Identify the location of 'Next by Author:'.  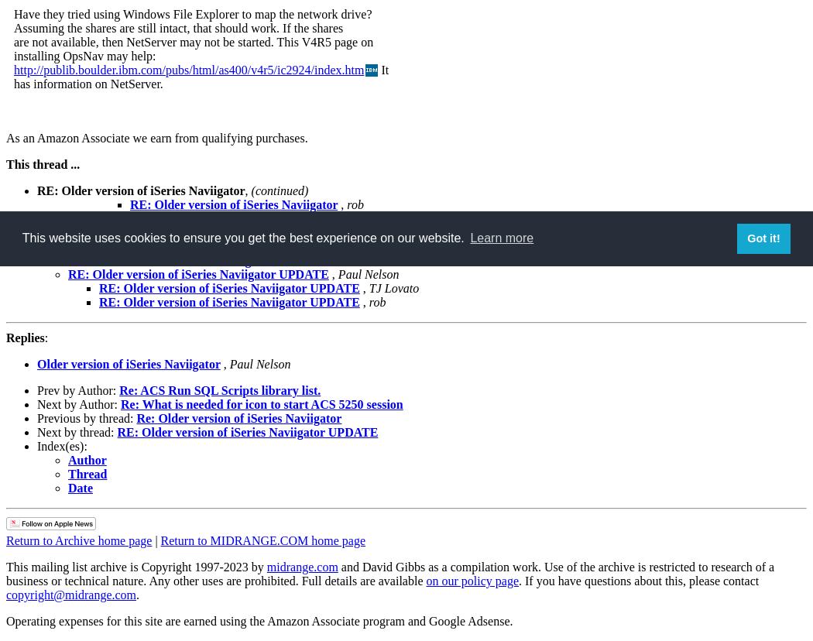
(78, 403).